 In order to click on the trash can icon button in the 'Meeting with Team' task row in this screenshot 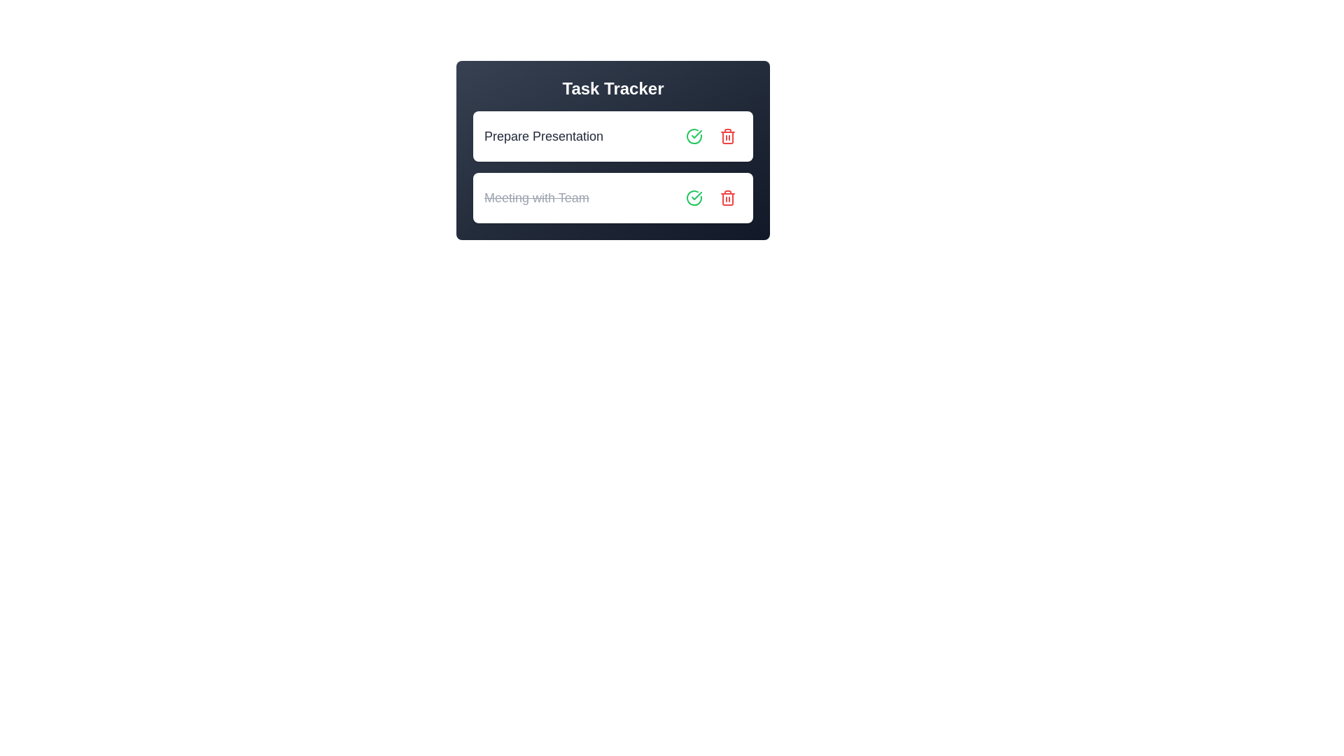, I will do `click(728, 197)`.